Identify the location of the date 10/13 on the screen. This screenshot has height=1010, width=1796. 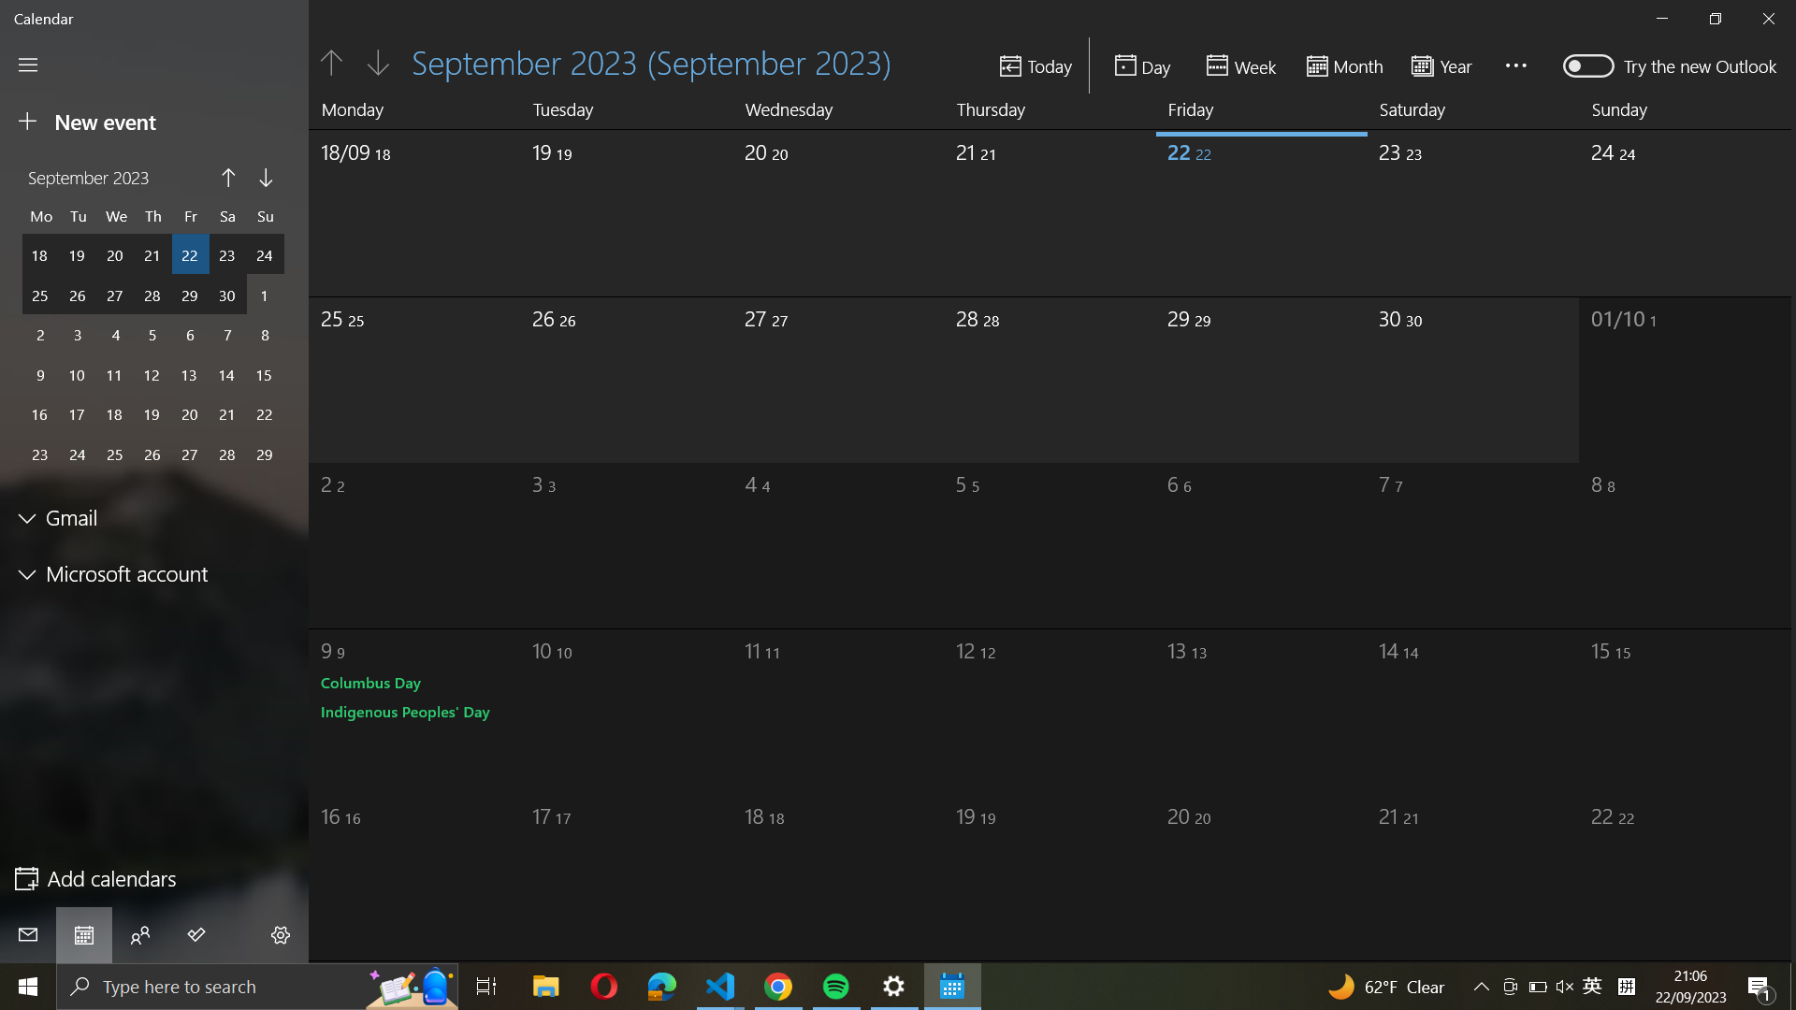
(1235, 704).